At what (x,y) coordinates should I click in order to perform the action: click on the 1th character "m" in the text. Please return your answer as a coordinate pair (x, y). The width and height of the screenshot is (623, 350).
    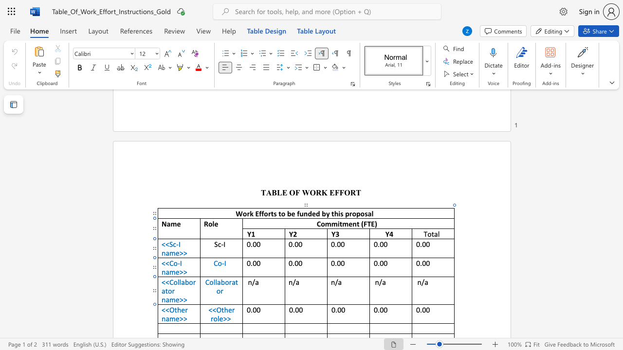
    Looking at the image, I should click on (172, 318).